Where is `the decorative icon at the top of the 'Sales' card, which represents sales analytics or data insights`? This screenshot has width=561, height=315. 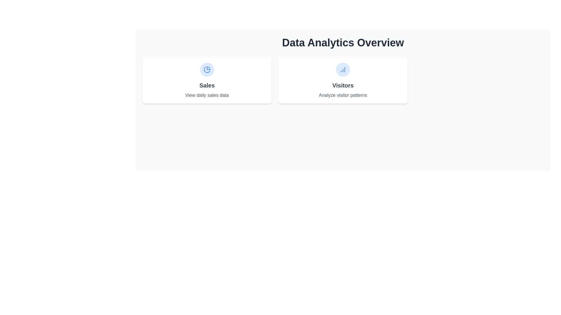 the decorative icon at the top of the 'Sales' card, which represents sales analytics or data insights is located at coordinates (207, 69).